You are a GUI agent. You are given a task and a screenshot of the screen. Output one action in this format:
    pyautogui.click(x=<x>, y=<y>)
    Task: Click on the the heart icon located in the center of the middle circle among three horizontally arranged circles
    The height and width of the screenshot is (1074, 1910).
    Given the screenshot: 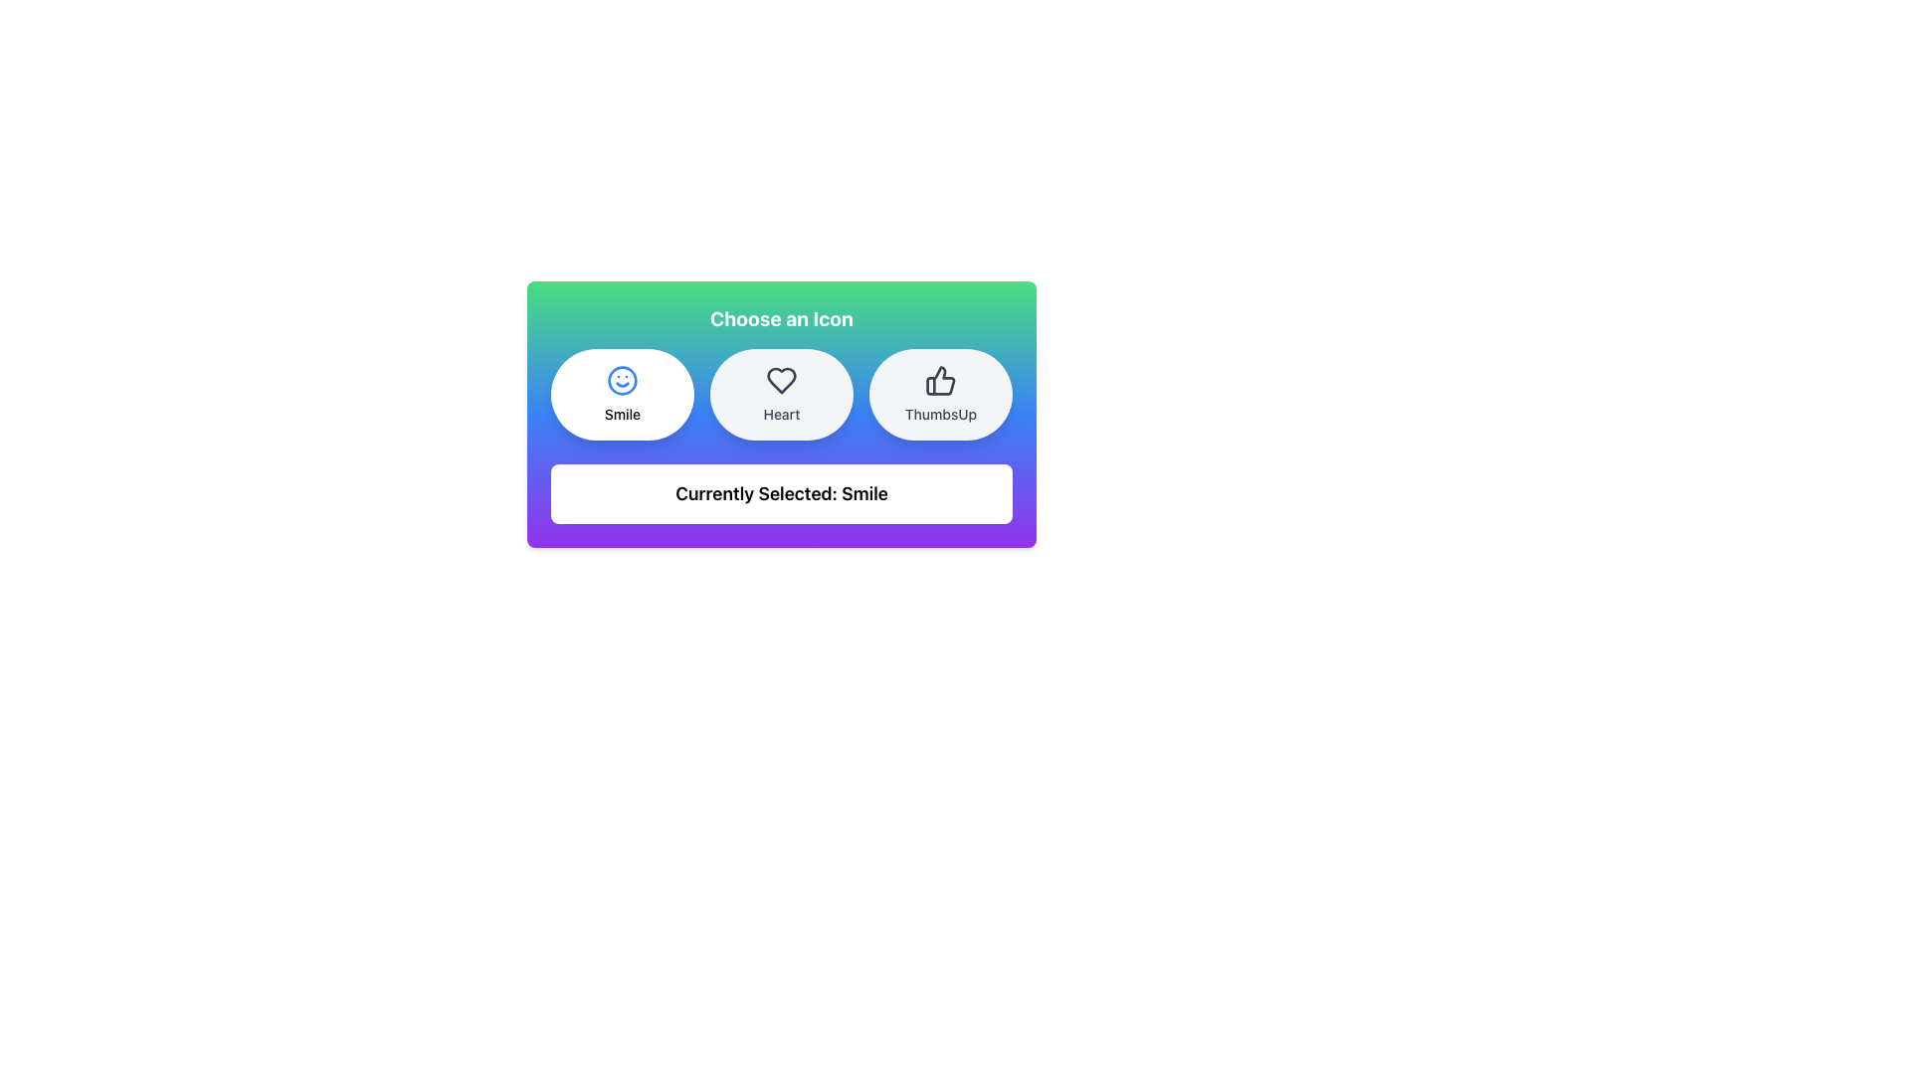 What is the action you would take?
    pyautogui.click(x=781, y=380)
    